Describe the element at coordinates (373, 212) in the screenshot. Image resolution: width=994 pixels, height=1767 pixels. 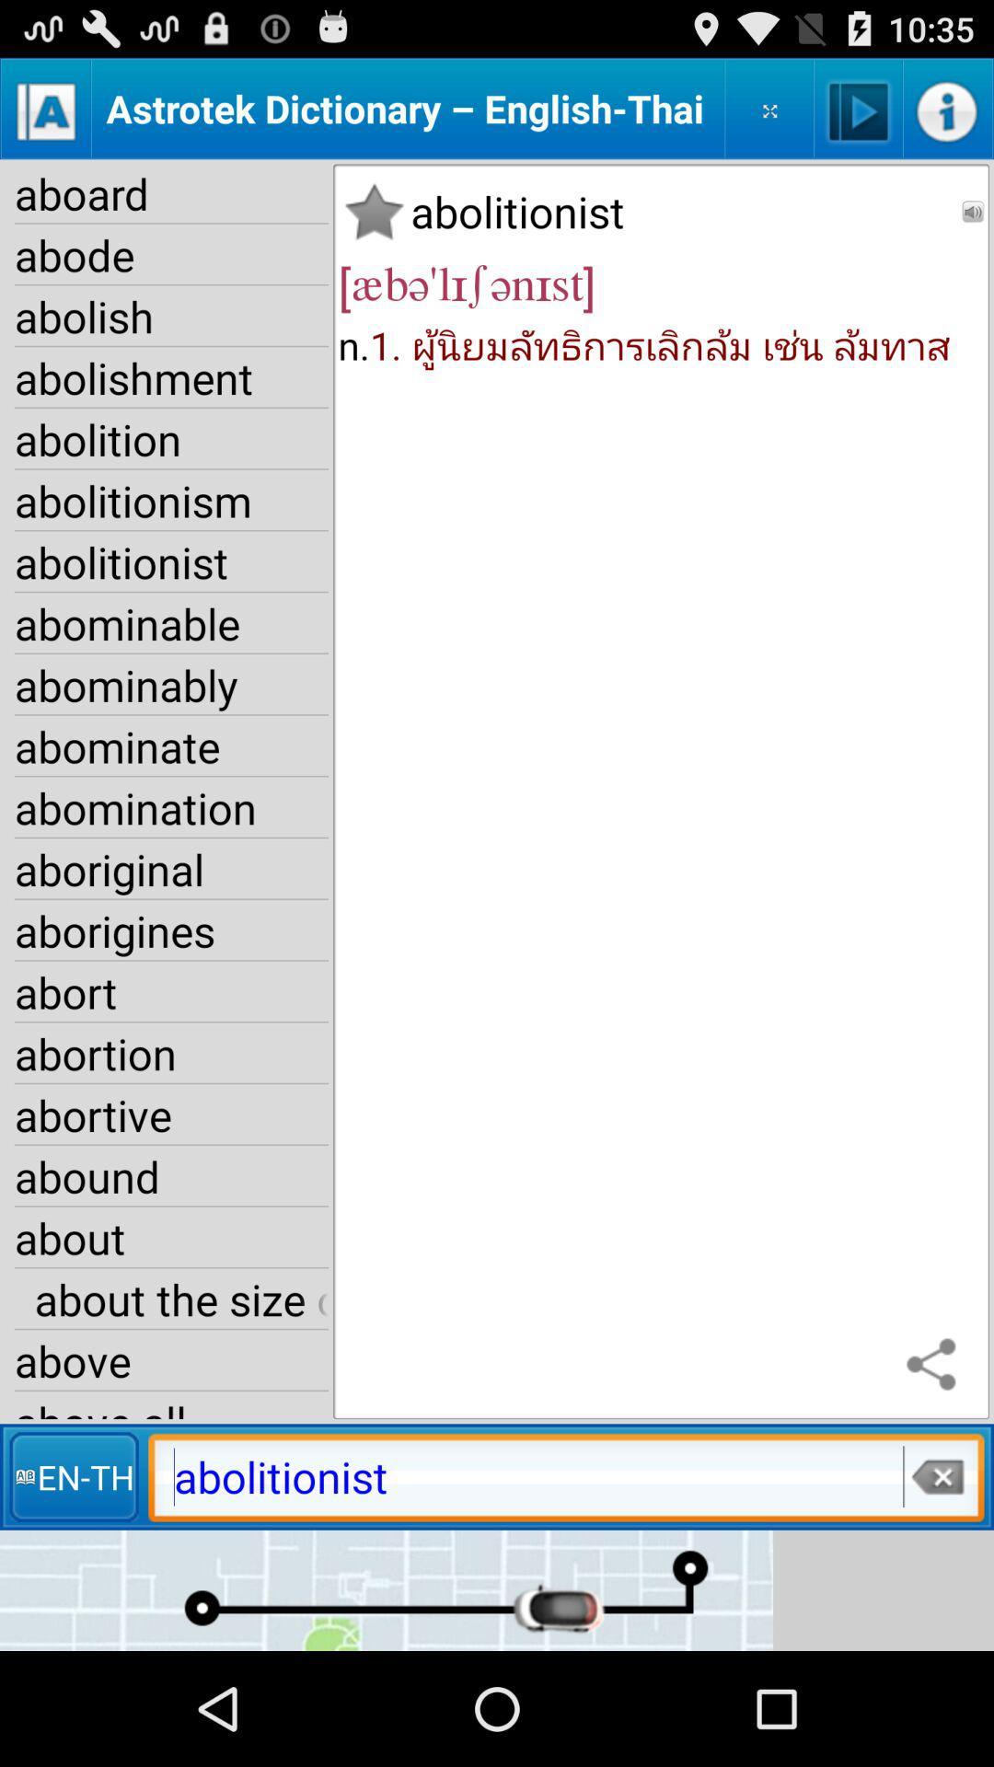
I see `the icon next to abolitionist app` at that location.